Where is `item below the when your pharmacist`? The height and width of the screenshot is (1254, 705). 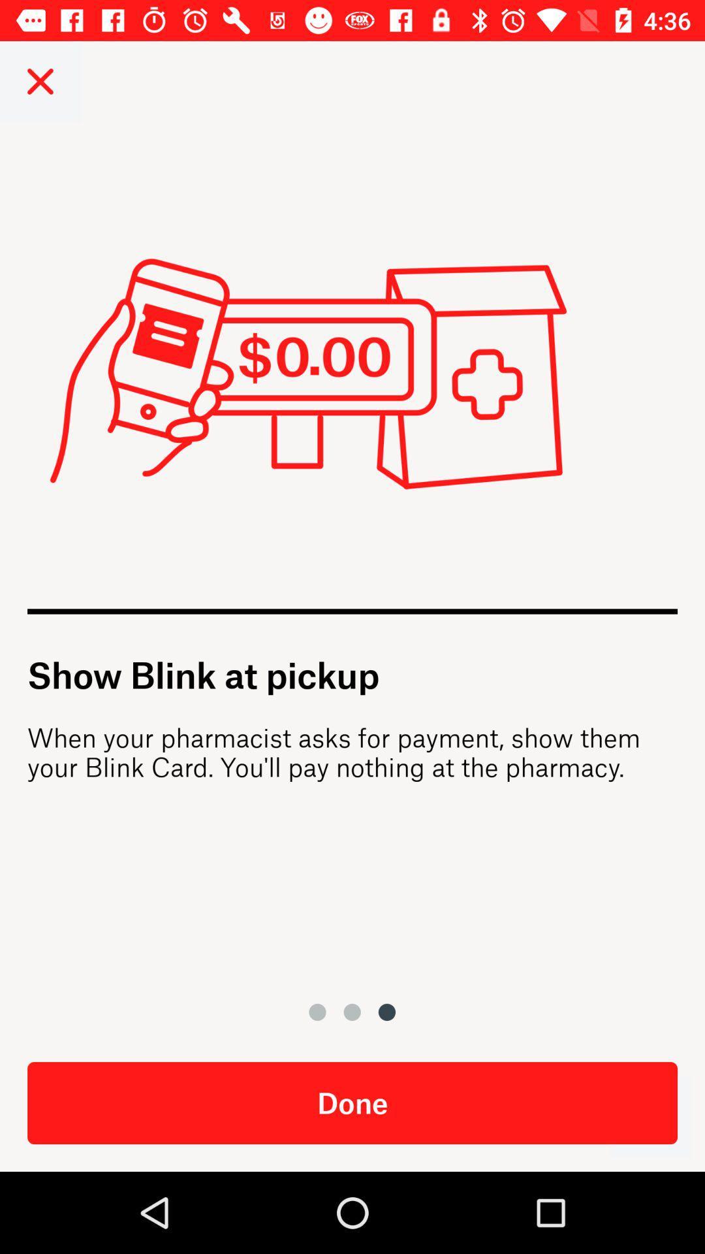 item below the when your pharmacist is located at coordinates (650, 1116).